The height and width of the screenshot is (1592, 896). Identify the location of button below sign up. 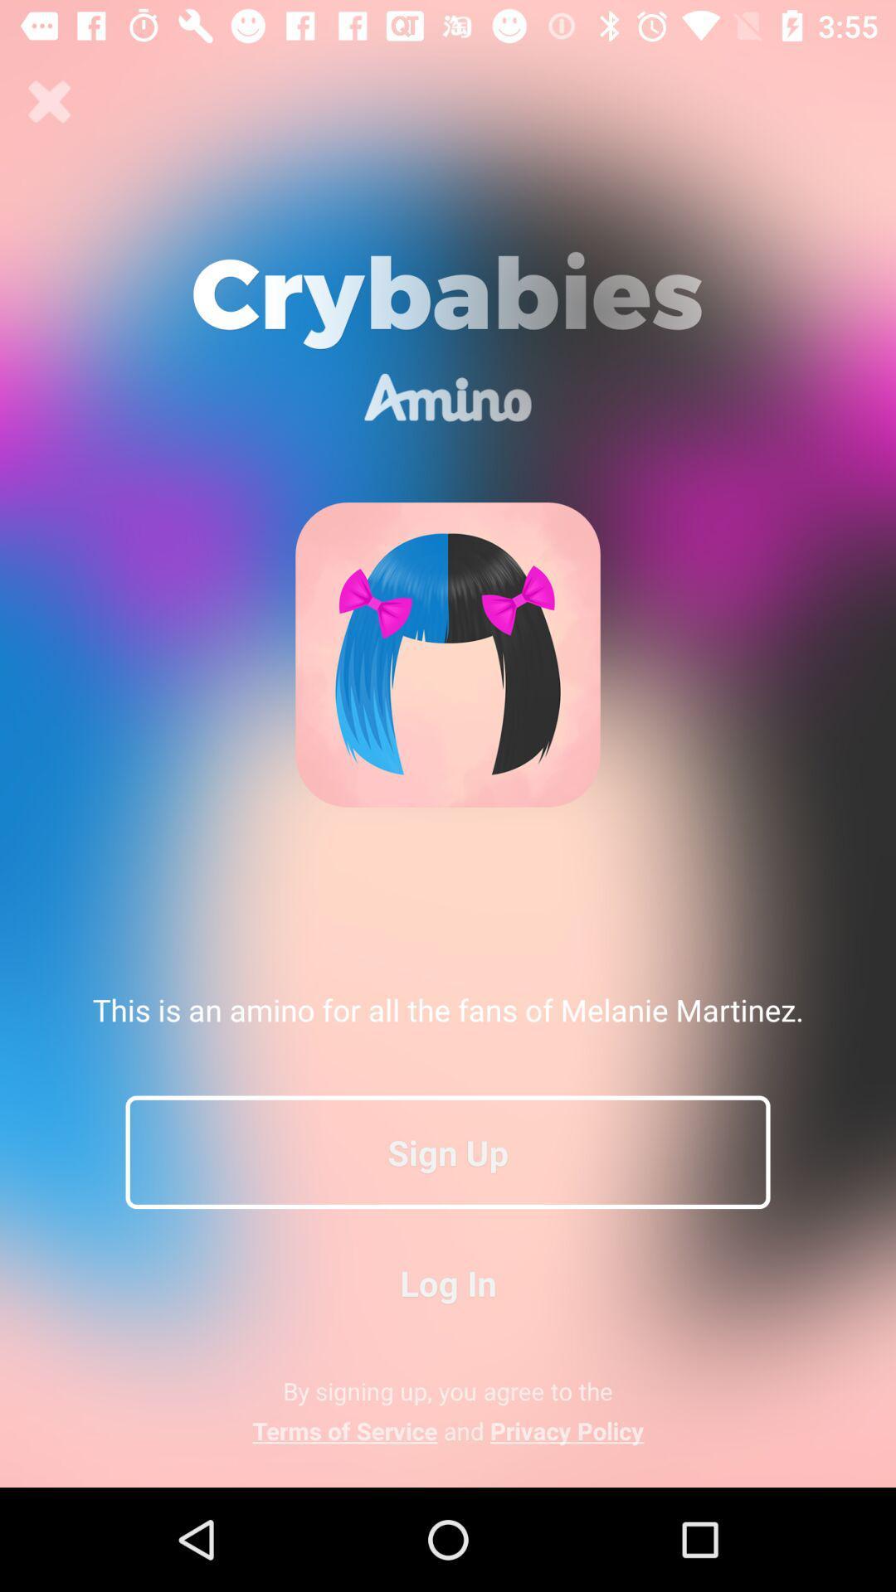
(448, 1282).